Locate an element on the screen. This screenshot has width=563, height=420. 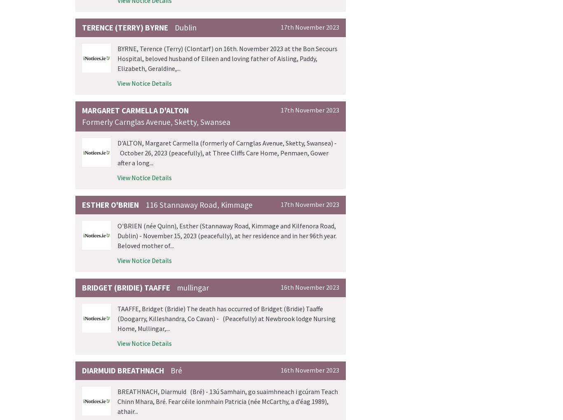
'TAAFFE, Bridget (Bridie)                     The death has occurred of  Bridget (Bridie) Taaffe  (Doogarry, Killeshandra, Co Cavan) -     (Peacefully) at Newbrook lodge Nursing Home, Mullingar,...' is located at coordinates (226, 317).